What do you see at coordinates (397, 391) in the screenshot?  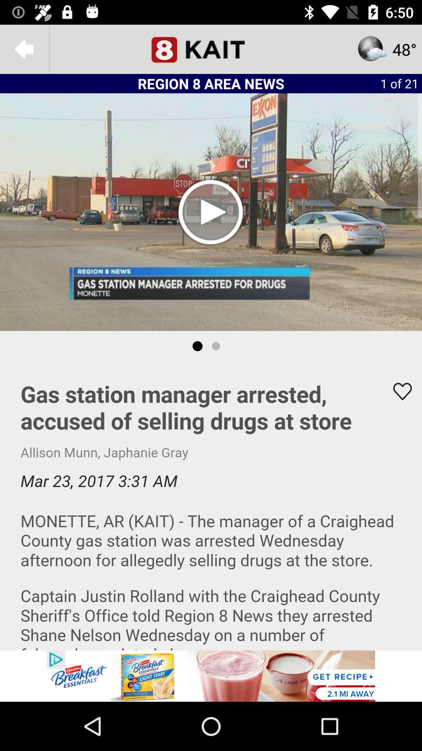 I see `the favorite icon` at bounding box center [397, 391].